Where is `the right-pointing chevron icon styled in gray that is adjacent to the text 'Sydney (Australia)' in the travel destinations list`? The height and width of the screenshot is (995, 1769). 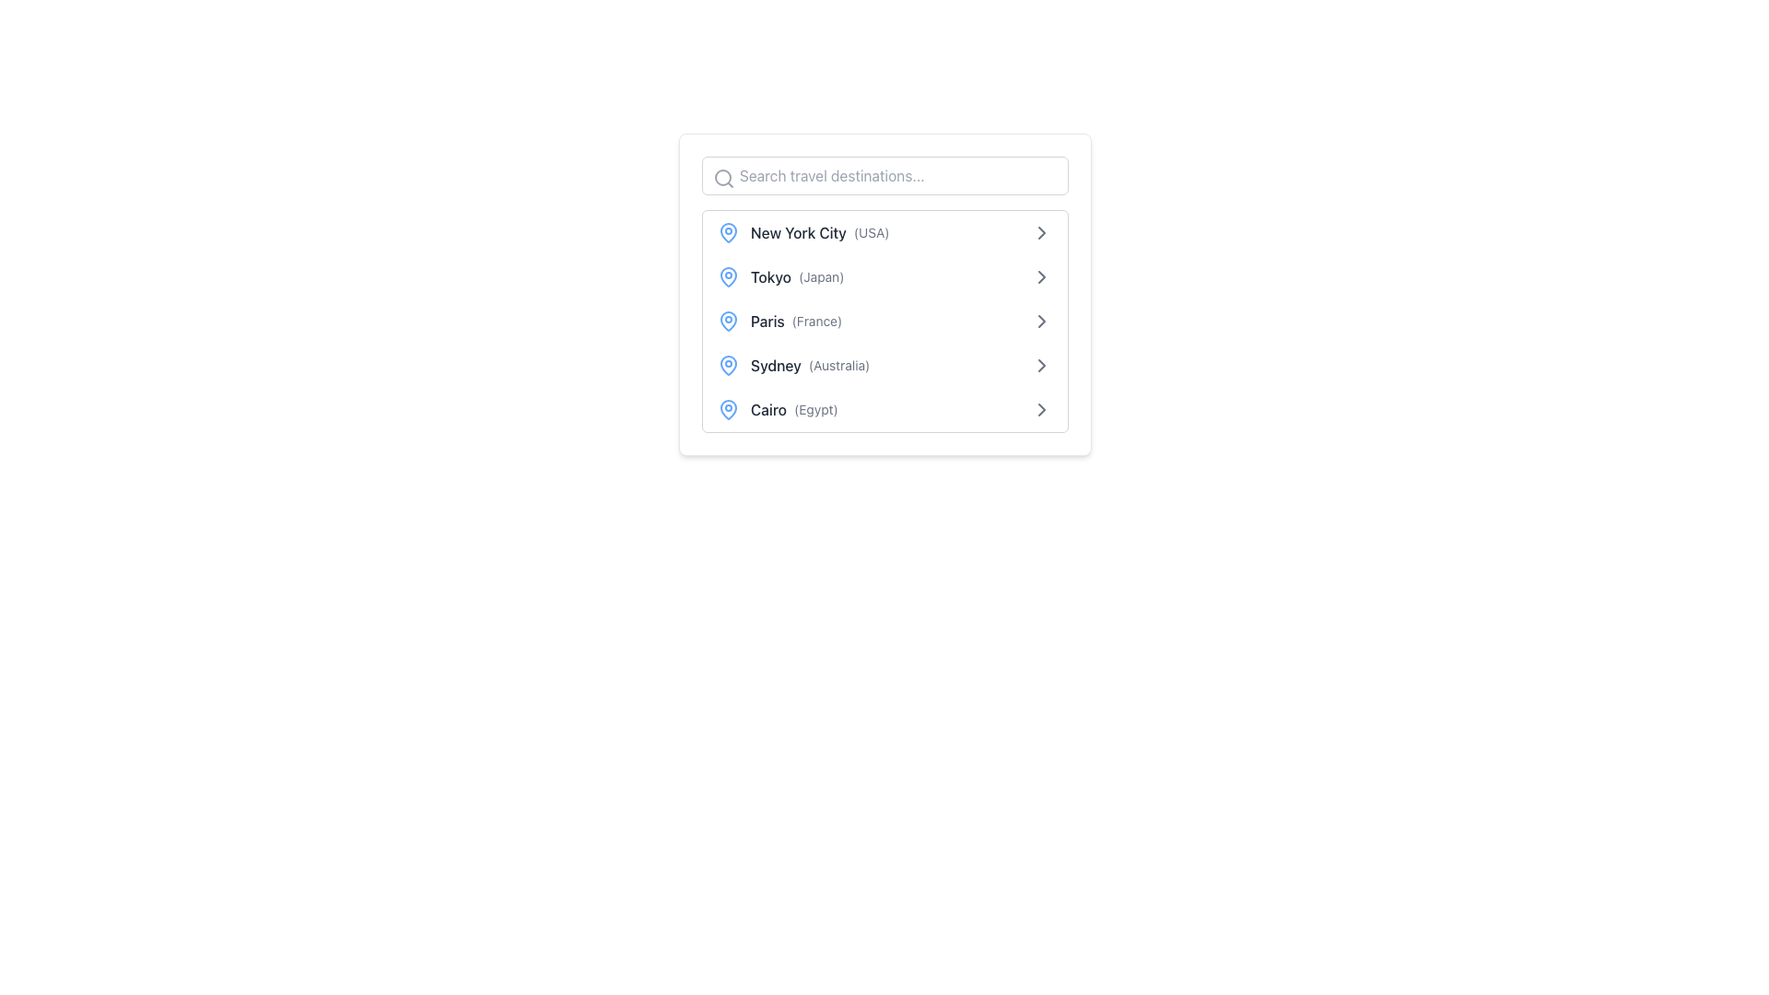
the right-pointing chevron icon styled in gray that is adjacent to the text 'Sydney (Australia)' in the travel destinations list is located at coordinates (1042, 366).